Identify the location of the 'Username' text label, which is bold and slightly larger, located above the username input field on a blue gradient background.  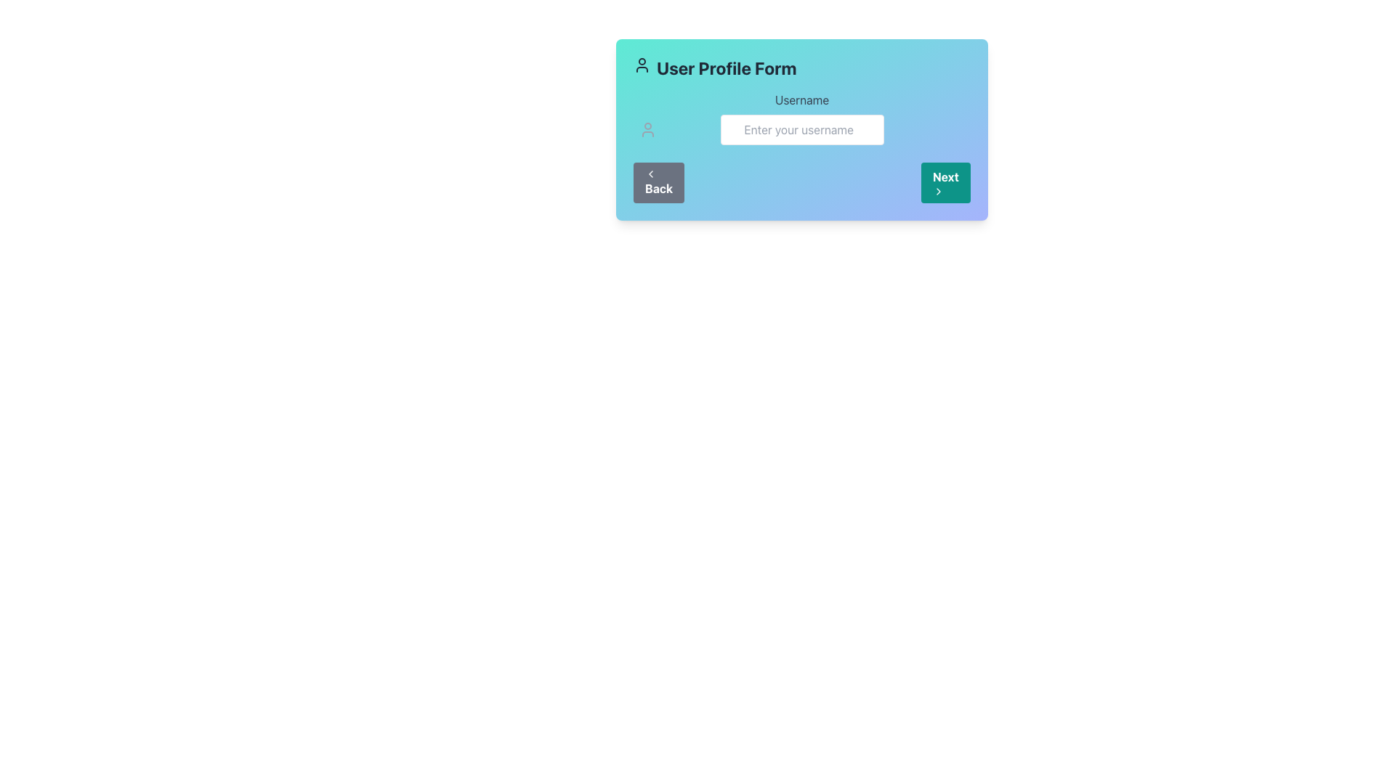
(801, 99).